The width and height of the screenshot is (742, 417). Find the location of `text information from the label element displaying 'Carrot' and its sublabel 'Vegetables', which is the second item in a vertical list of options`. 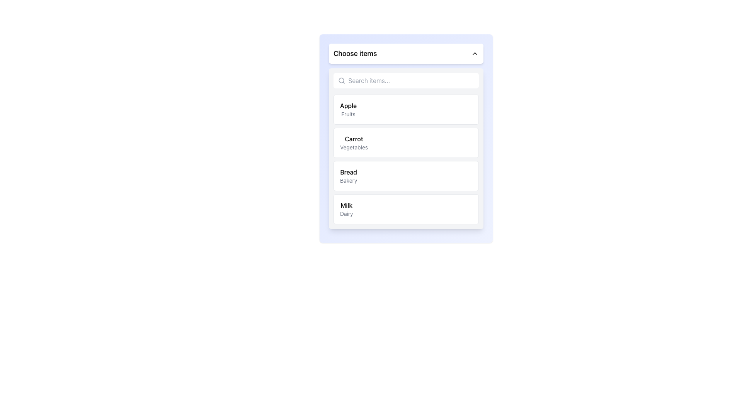

text information from the label element displaying 'Carrot' and its sublabel 'Vegetables', which is the second item in a vertical list of options is located at coordinates (354, 143).